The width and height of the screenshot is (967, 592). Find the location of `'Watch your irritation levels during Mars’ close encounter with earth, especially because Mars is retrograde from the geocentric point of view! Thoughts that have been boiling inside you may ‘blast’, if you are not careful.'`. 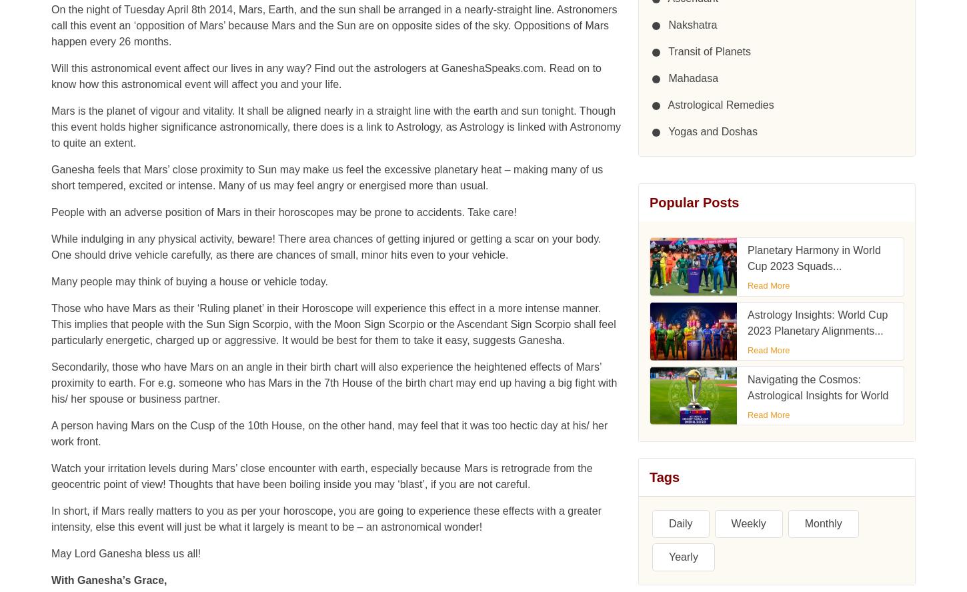

'Watch your irritation levels during Mars’ close encounter with earth, especially because Mars is retrograde from the geocentric point of view! Thoughts that have been boiling inside you may ‘blast’, if you are not careful.' is located at coordinates (321, 53).